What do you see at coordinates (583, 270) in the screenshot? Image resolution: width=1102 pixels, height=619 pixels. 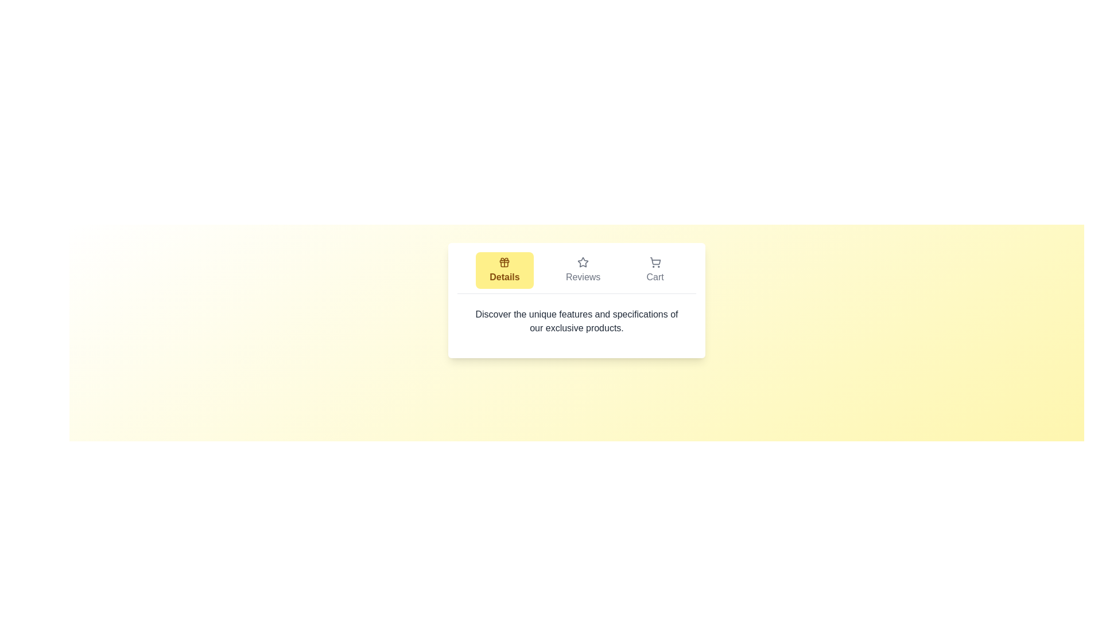 I see `the Reviews tab by clicking on it` at bounding box center [583, 270].